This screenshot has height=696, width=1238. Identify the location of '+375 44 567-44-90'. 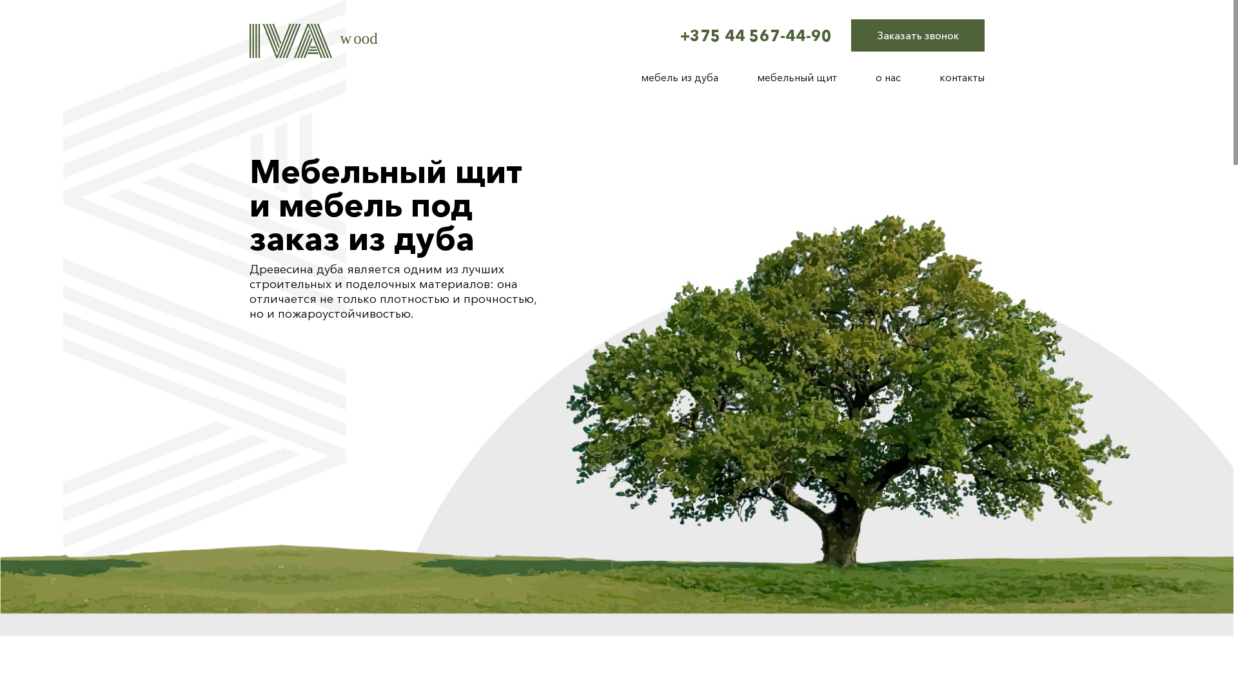
(755, 34).